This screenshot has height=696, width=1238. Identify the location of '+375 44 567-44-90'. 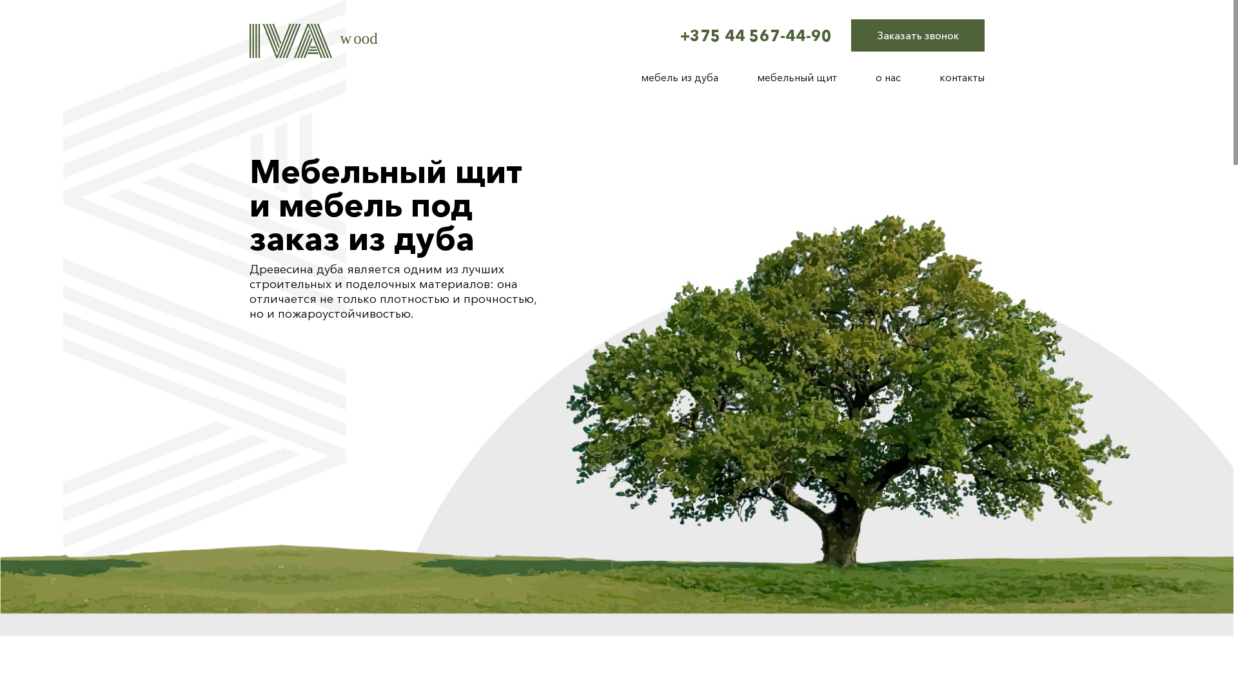
(755, 34).